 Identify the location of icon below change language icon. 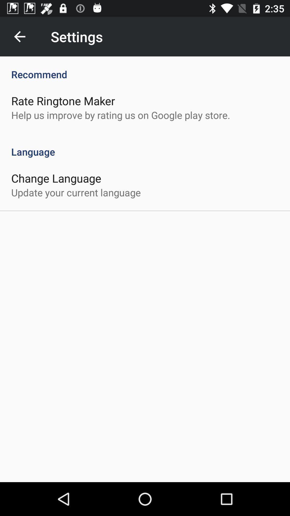
(76, 192).